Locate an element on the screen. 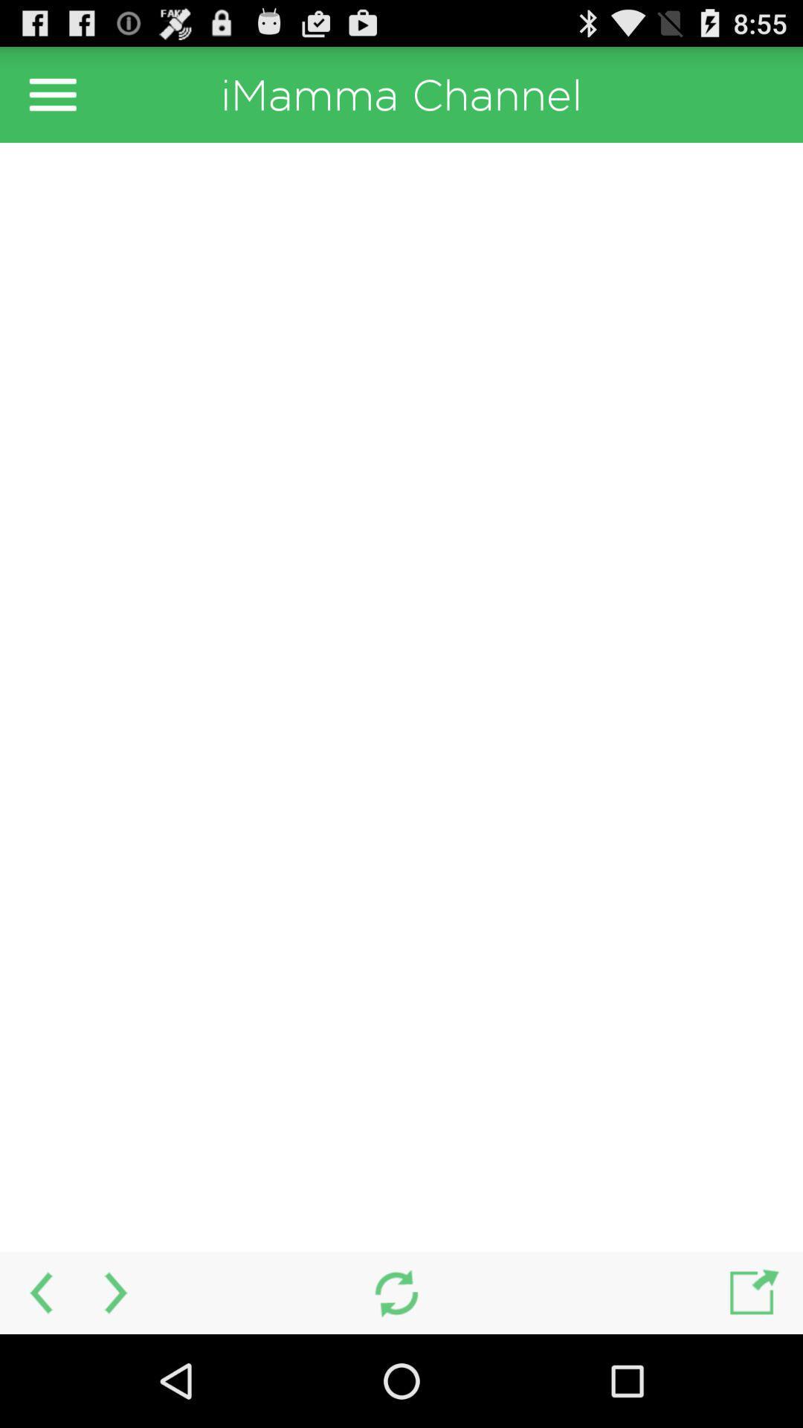 Image resolution: width=803 pixels, height=1428 pixels. refresh option is located at coordinates (396, 1292).